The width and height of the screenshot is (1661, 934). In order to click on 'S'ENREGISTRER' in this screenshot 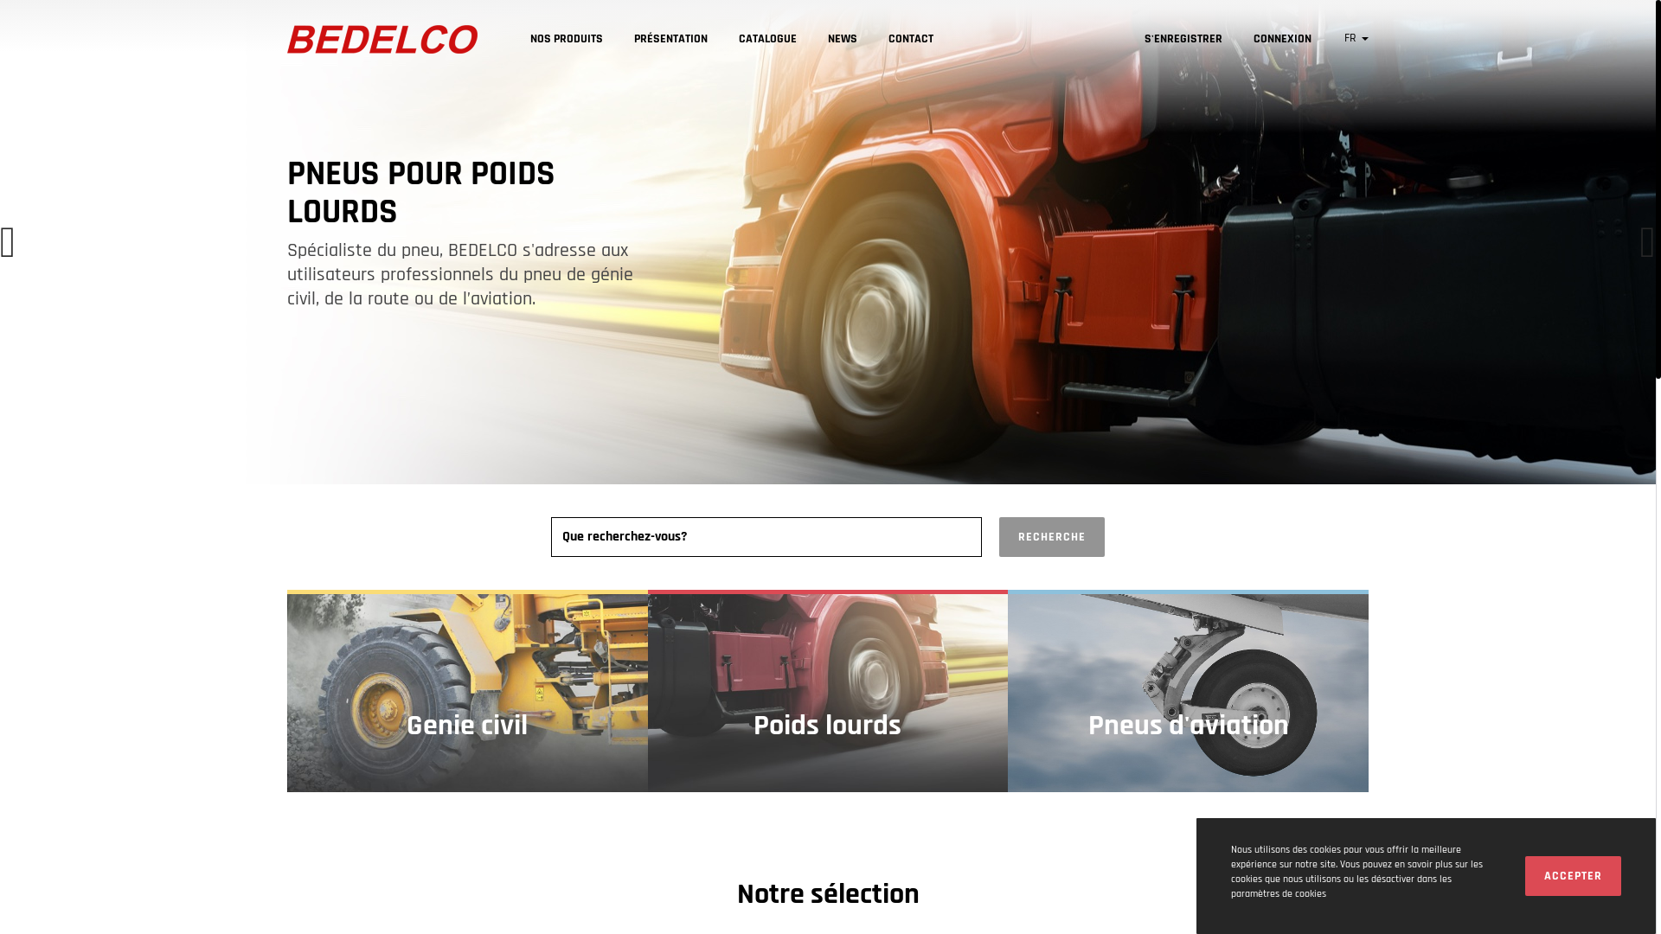, I will do `click(1129, 38)`.